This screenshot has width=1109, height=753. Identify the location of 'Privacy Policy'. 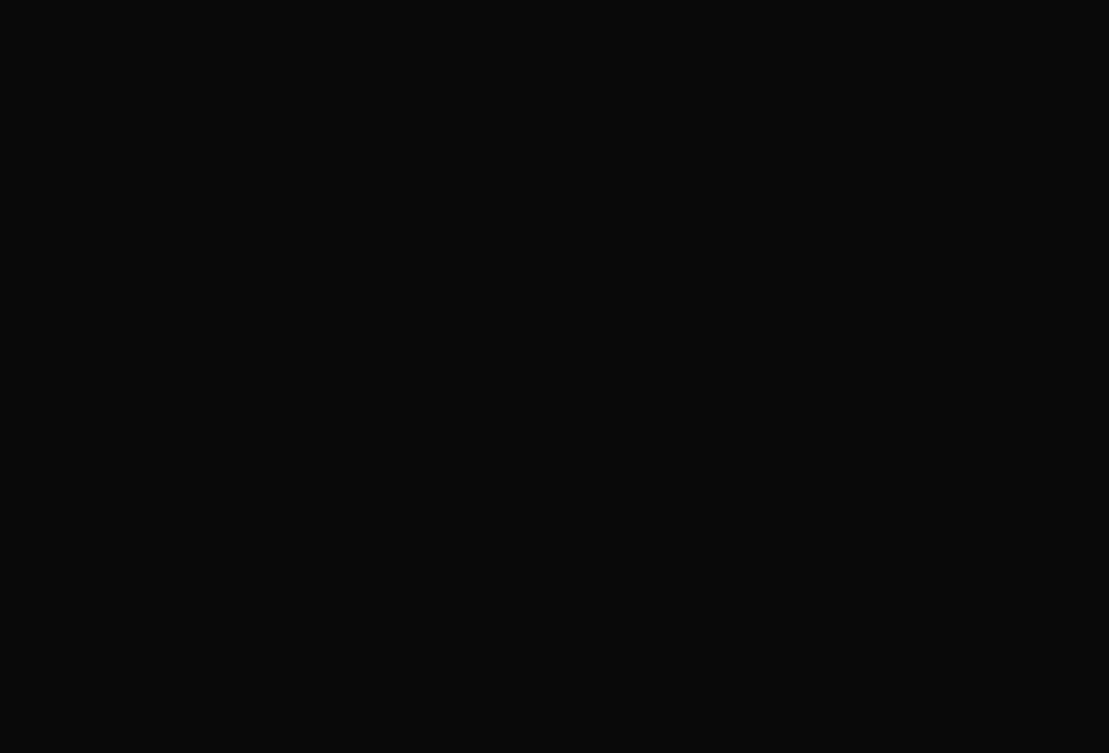
(919, 358).